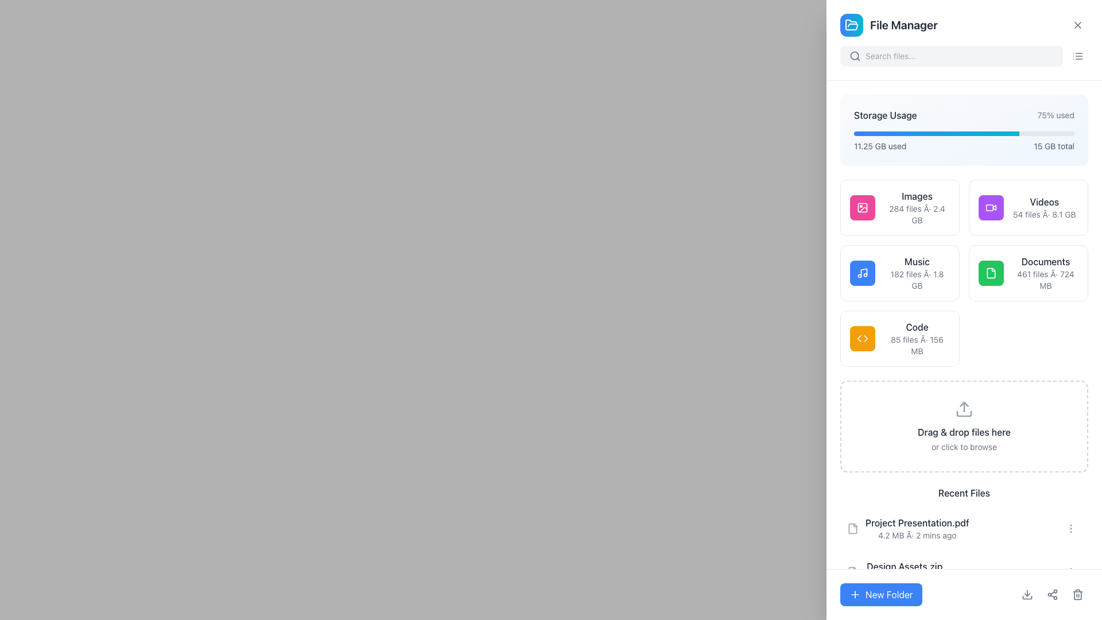  Describe the element at coordinates (862, 338) in the screenshot. I see `the 'Code' category icon located in the bottom row of the dashboard, which visually identifies this section and is positioned to the left of the '85 files' and '156 MB' text` at that location.